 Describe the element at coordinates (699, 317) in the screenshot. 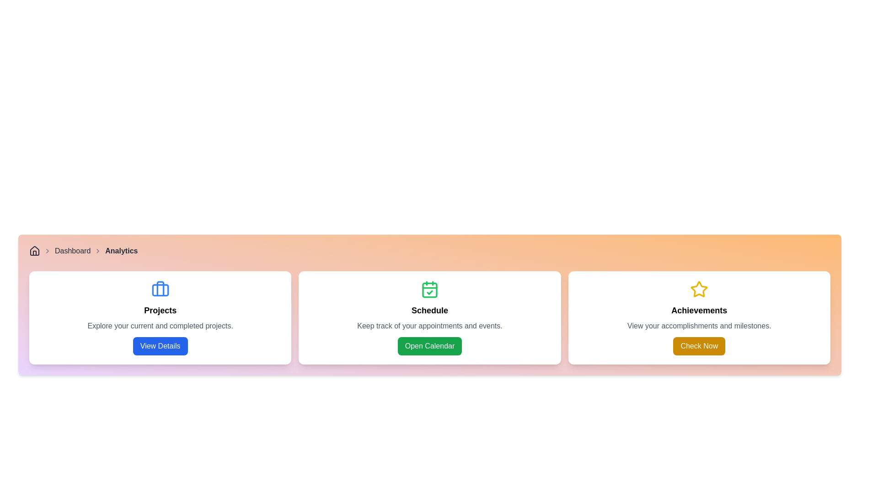

I see `the card displaying user achievements, which is located in the rightmost grid cell of a three-column layout` at that location.